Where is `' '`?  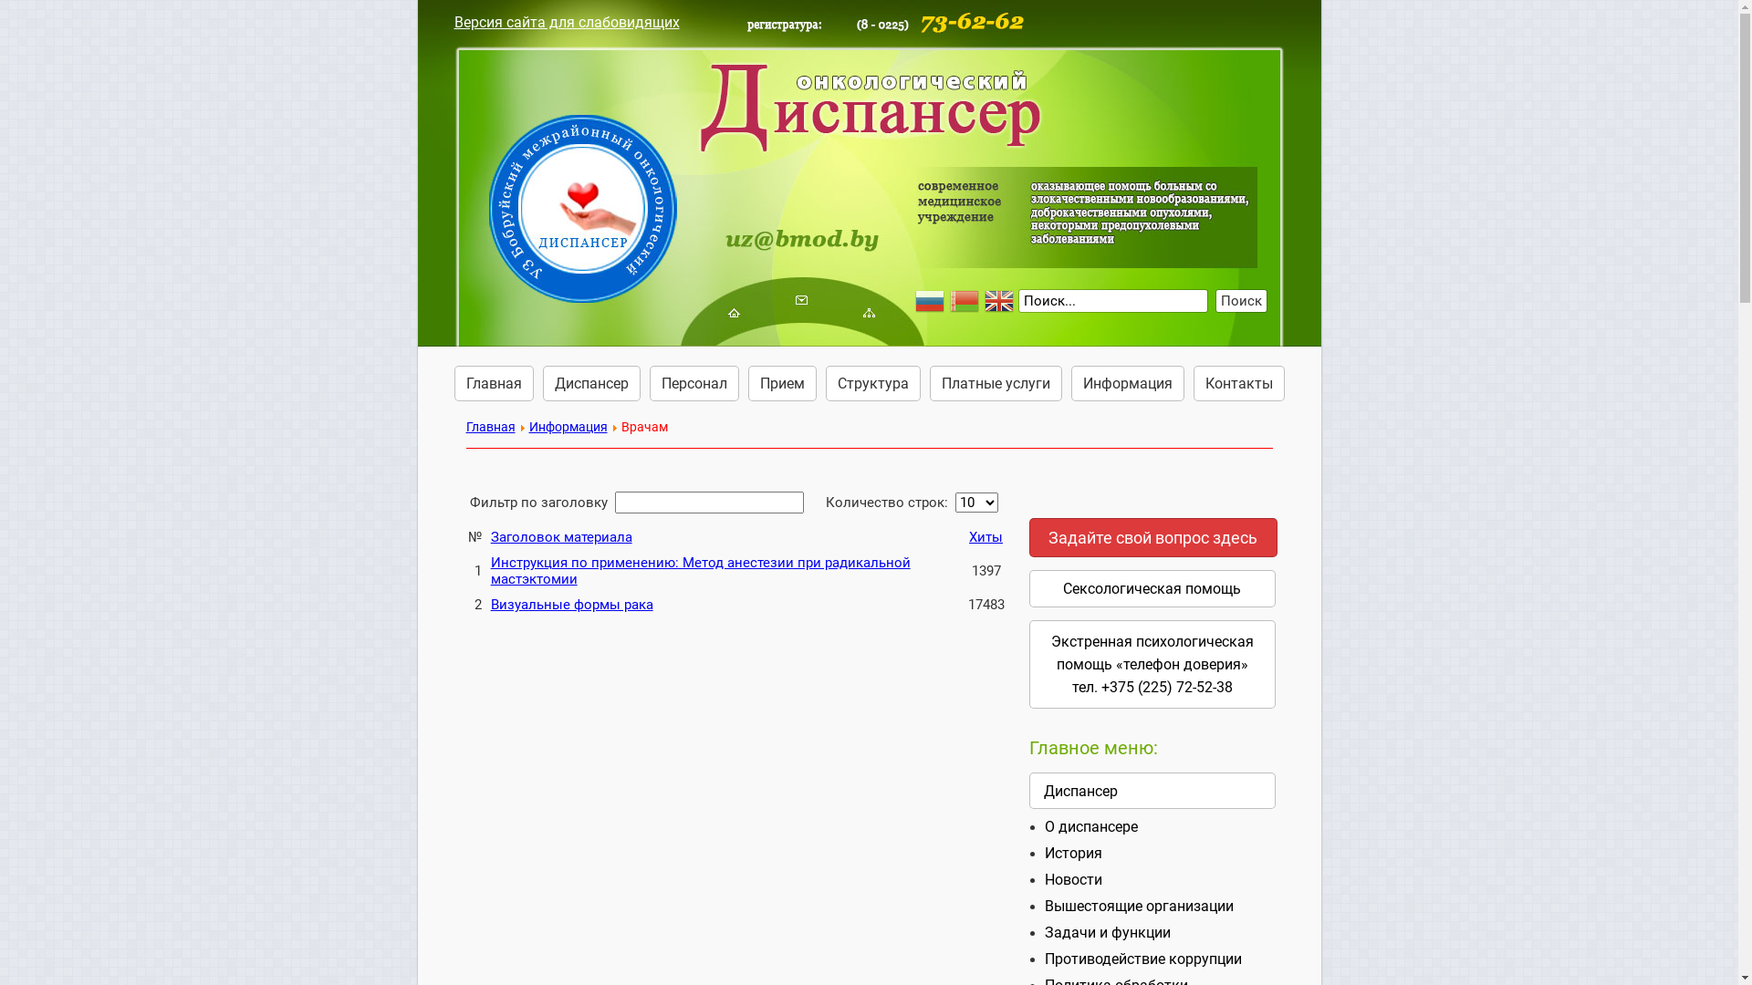 ' ' is located at coordinates (802, 155).